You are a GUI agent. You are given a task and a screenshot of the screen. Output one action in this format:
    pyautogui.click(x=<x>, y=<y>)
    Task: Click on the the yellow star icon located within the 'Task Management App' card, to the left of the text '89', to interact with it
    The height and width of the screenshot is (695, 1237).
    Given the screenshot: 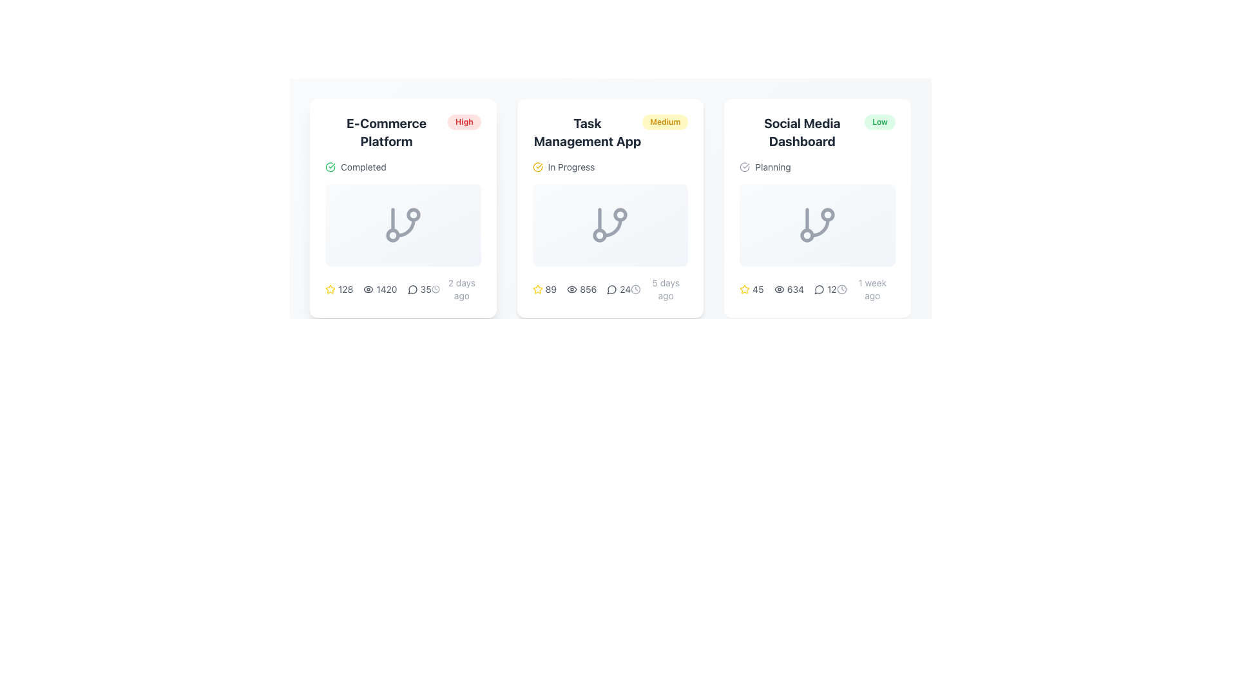 What is the action you would take?
    pyautogui.click(x=537, y=290)
    